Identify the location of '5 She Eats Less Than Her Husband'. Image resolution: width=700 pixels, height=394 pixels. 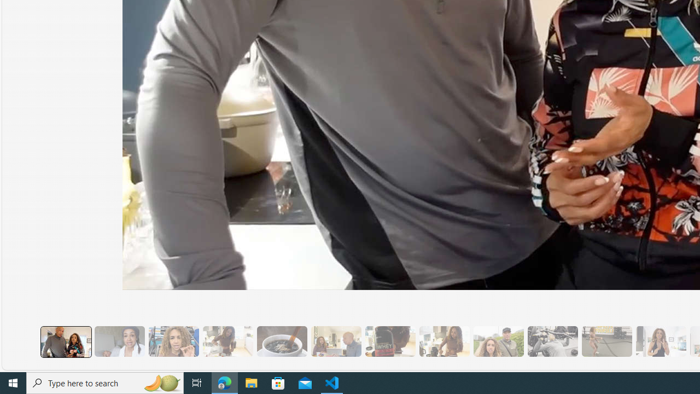
(335, 341).